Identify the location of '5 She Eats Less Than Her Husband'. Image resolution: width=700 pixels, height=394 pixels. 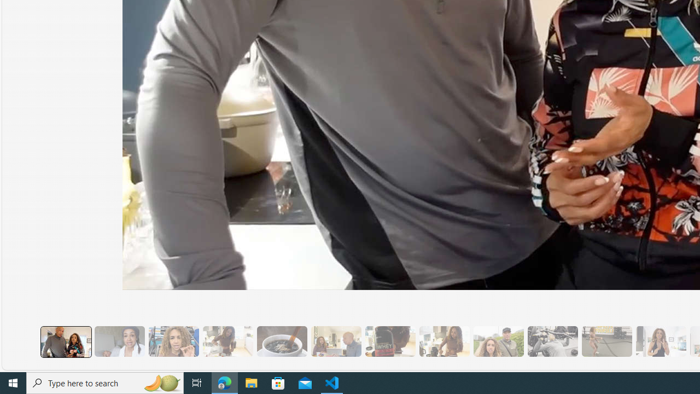
(335, 341).